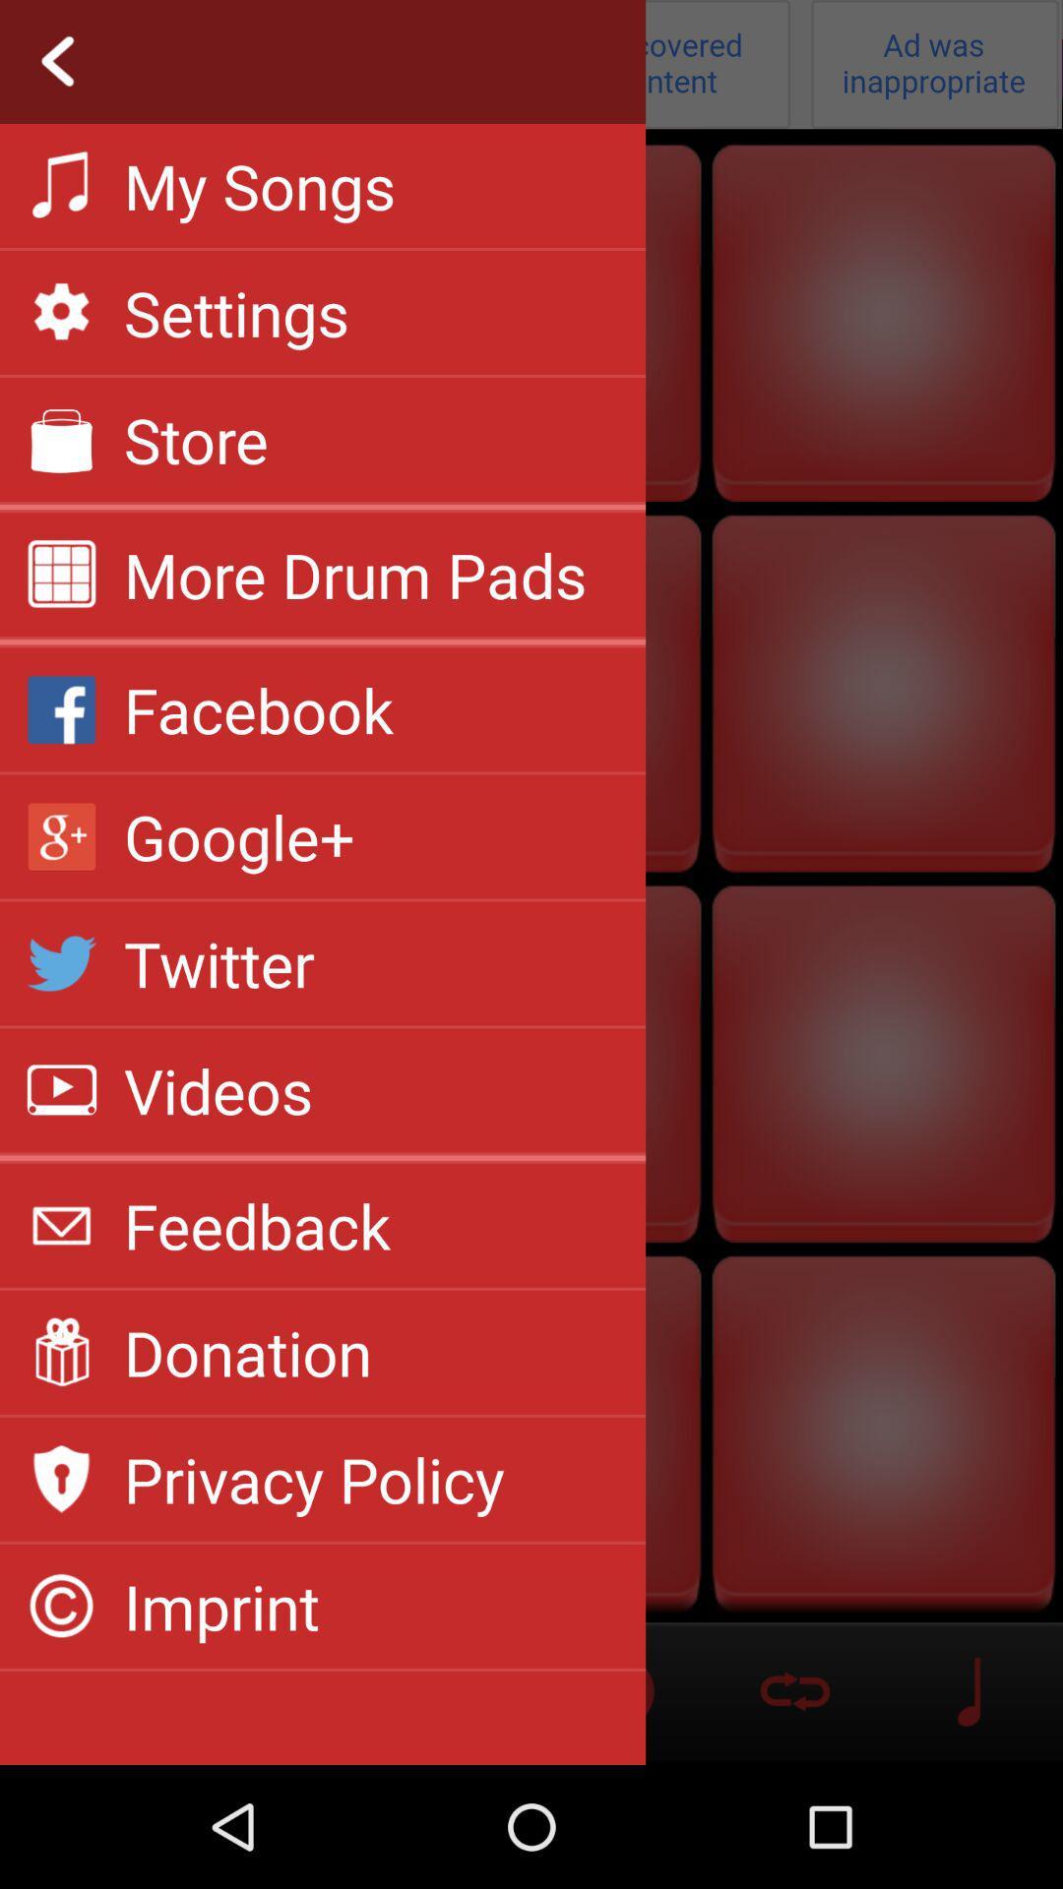  Describe the element at coordinates (238, 836) in the screenshot. I see `the item below facebook` at that location.